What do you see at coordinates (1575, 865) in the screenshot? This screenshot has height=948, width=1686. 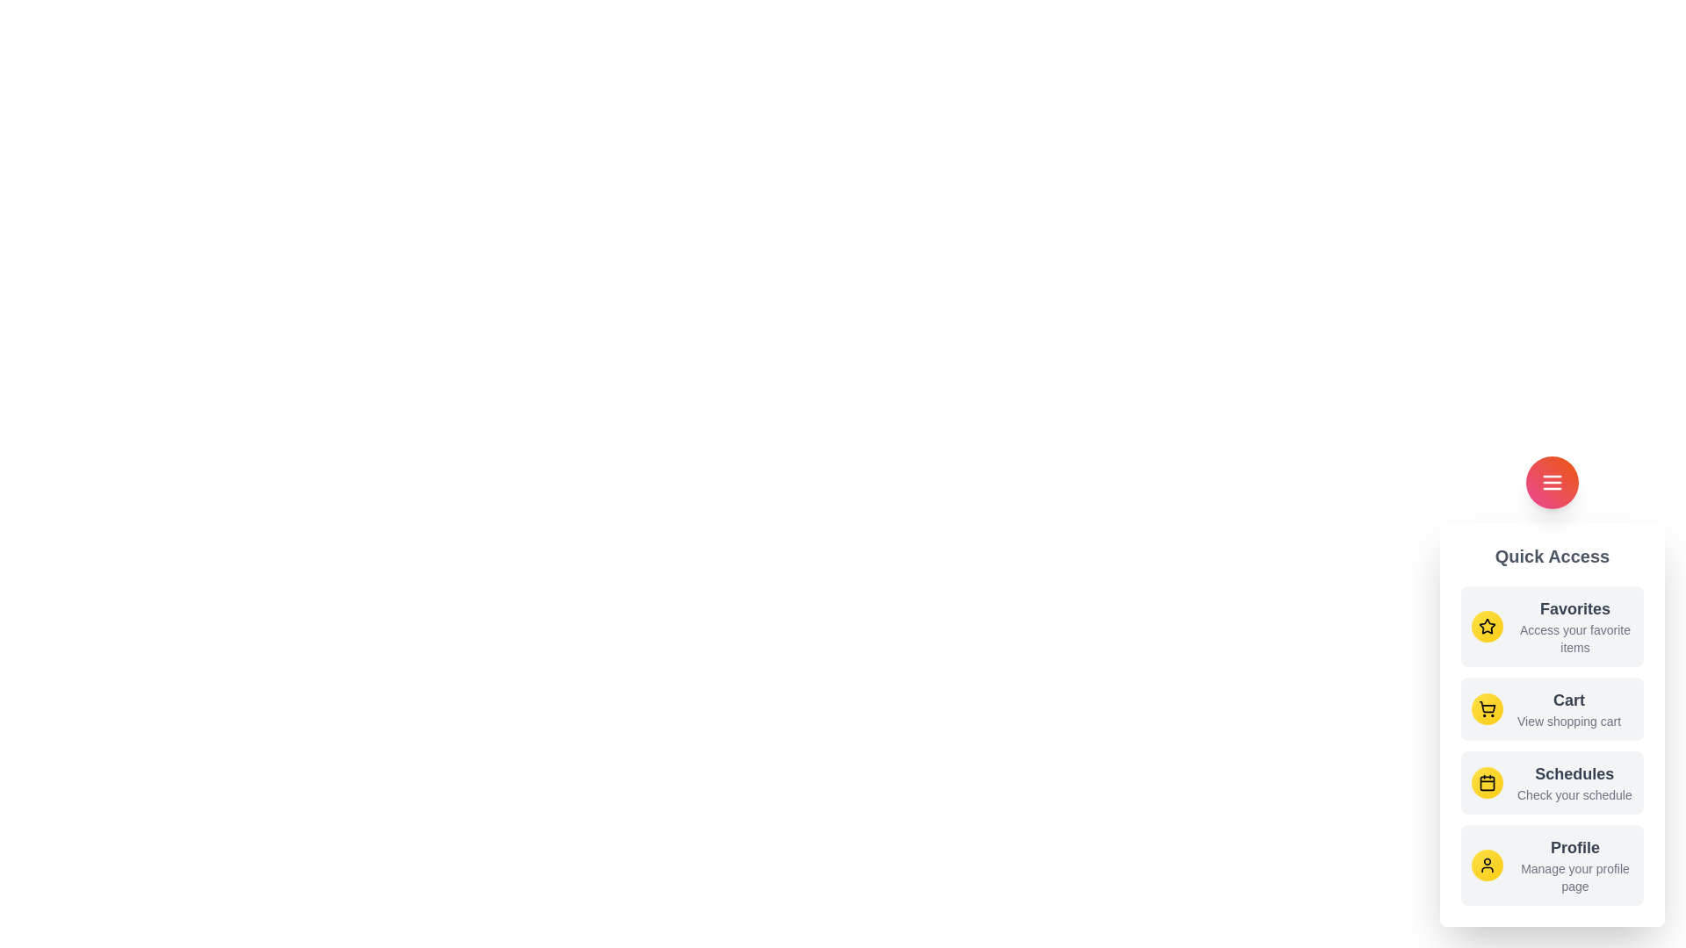 I see `the 'Profile' option in the speed dial menu` at bounding box center [1575, 865].